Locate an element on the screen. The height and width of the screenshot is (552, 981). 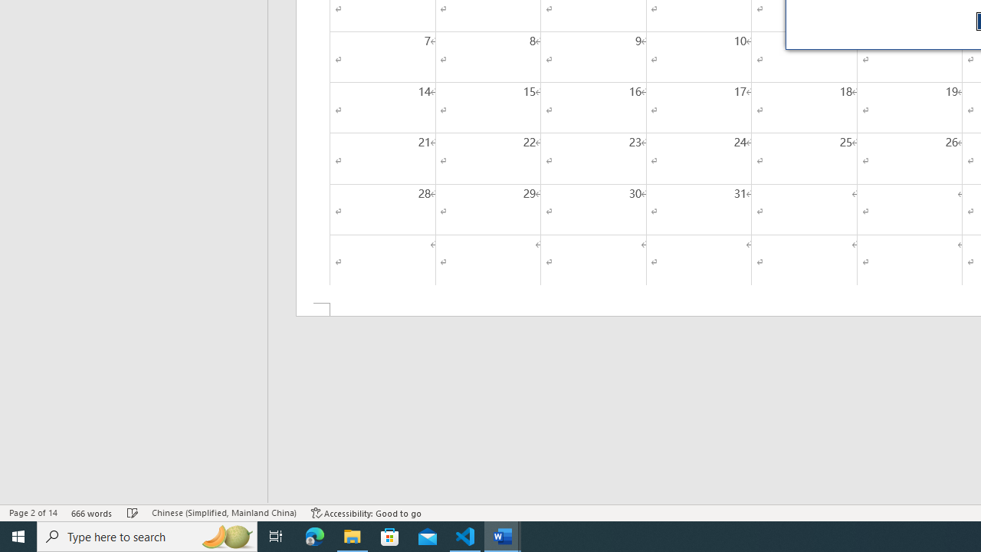
'Spelling and Grammar Check Checking' is located at coordinates (133, 513).